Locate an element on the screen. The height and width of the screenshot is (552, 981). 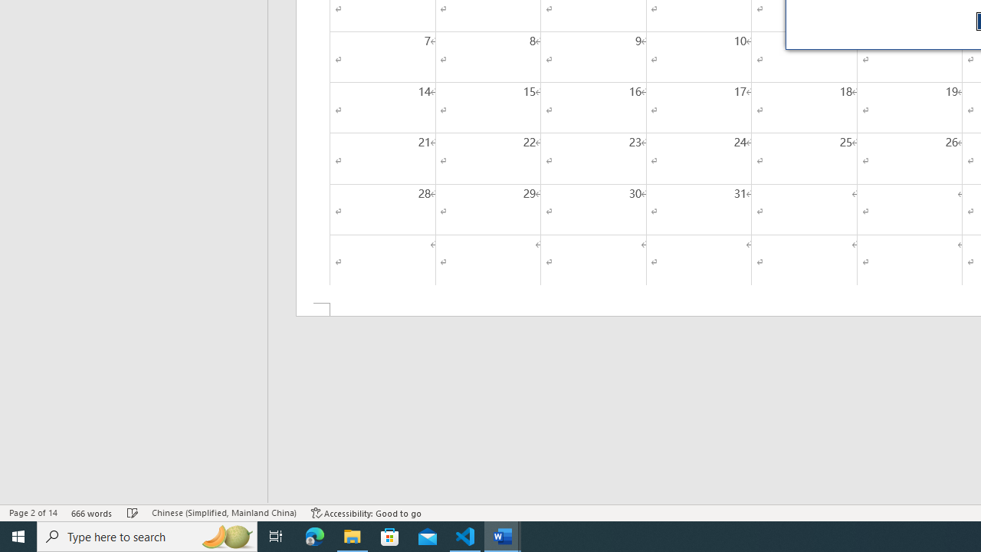
'Spelling and Grammar Check Checking' is located at coordinates (133, 513).